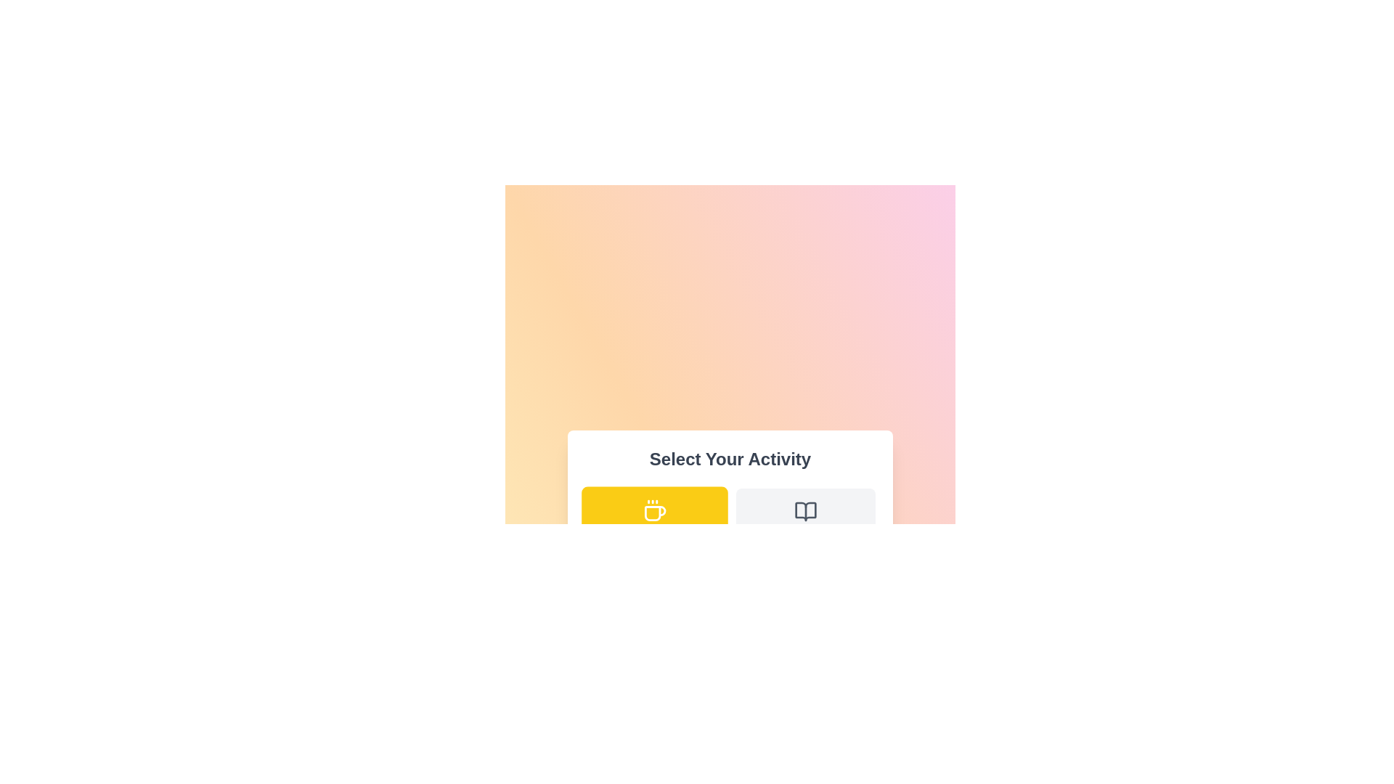  Describe the element at coordinates (654, 524) in the screenshot. I see `the button` at that location.